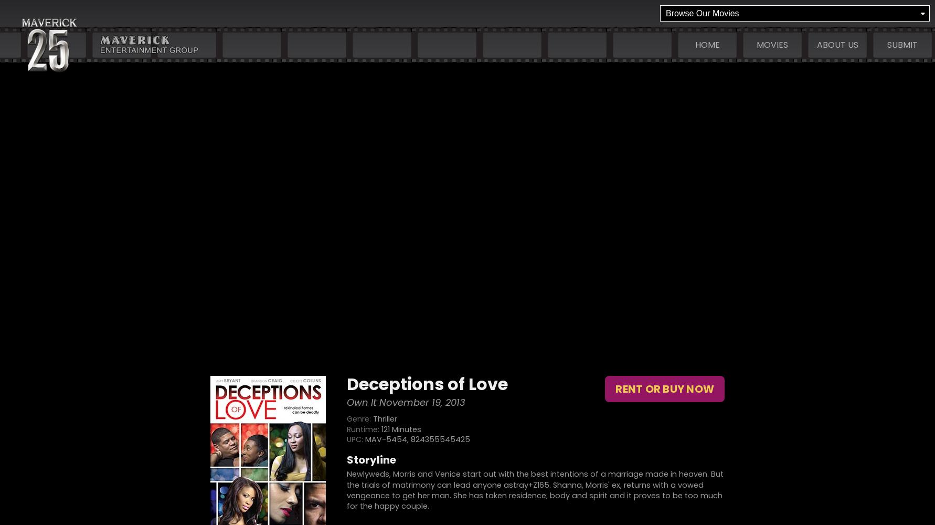  Describe the element at coordinates (370, 460) in the screenshot. I see `'Storyline'` at that location.